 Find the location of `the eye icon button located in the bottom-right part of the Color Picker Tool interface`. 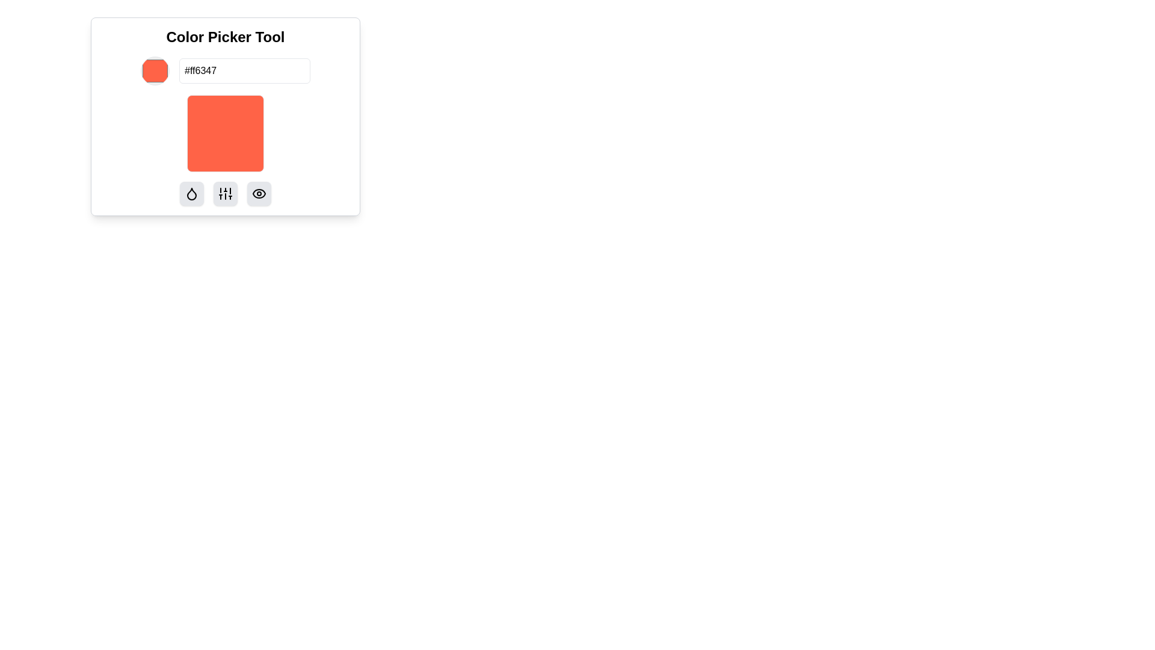

the eye icon button located in the bottom-right part of the Color Picker Tool interface is located at coordinates (259, 193).